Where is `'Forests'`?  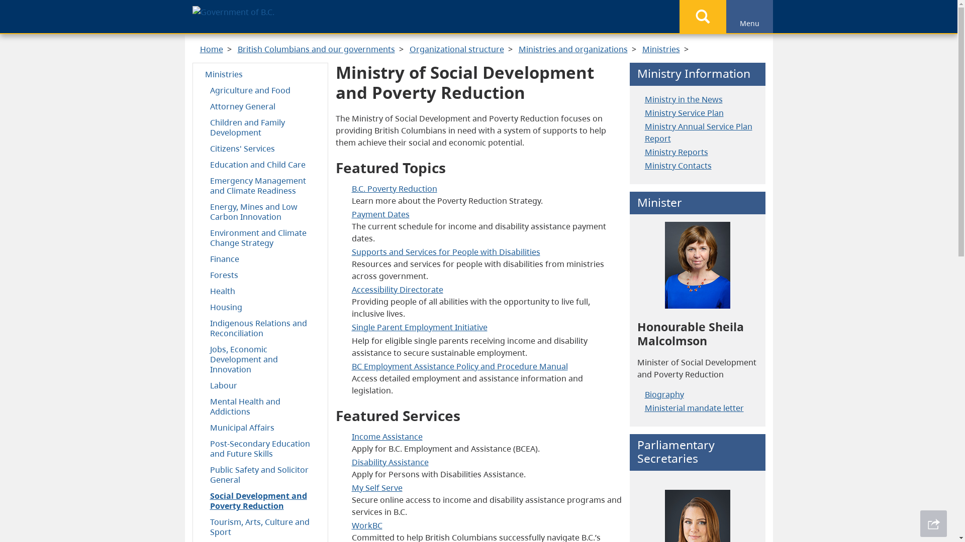 'Forests' is located at coordinates (260, 275).